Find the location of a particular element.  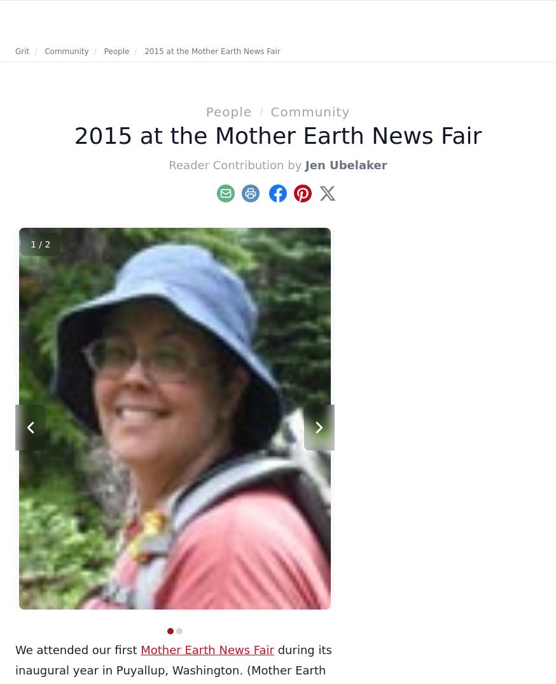

'MOTHER EARTH NEWS 2019 FAIR T-SHIRT, MEN'S CUT' is located at coordinates (88, 241).